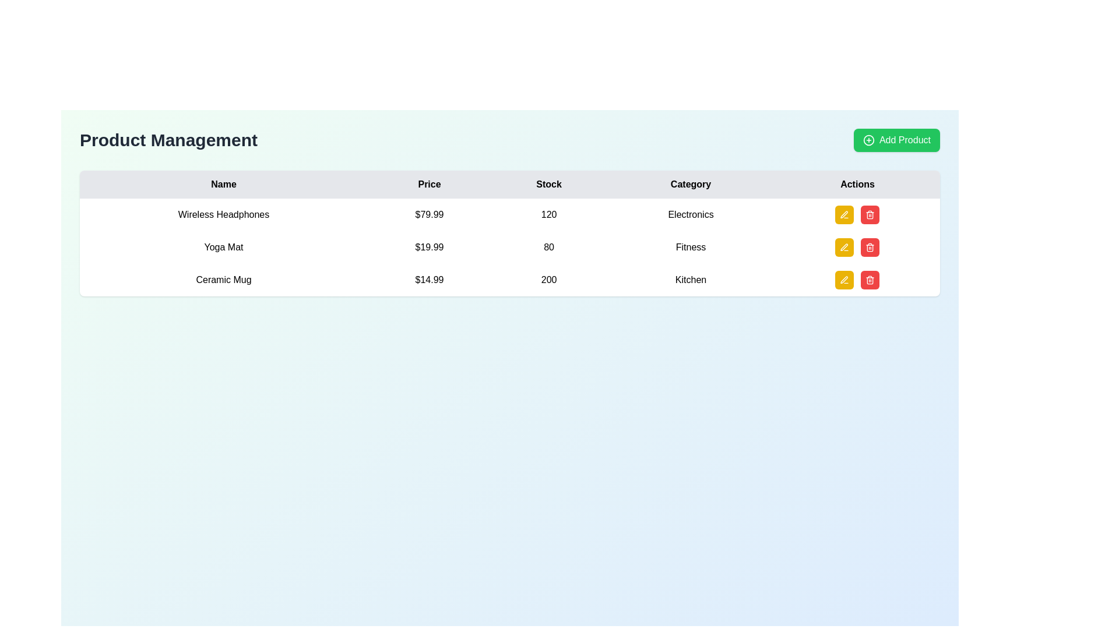 The height and width of the screenshot is (629, 1119). I want to click on headers of the table located in the first row, which includes 'Name', 'Price', 'Stock', 'Category', and 'Actions', so click(509, 183).